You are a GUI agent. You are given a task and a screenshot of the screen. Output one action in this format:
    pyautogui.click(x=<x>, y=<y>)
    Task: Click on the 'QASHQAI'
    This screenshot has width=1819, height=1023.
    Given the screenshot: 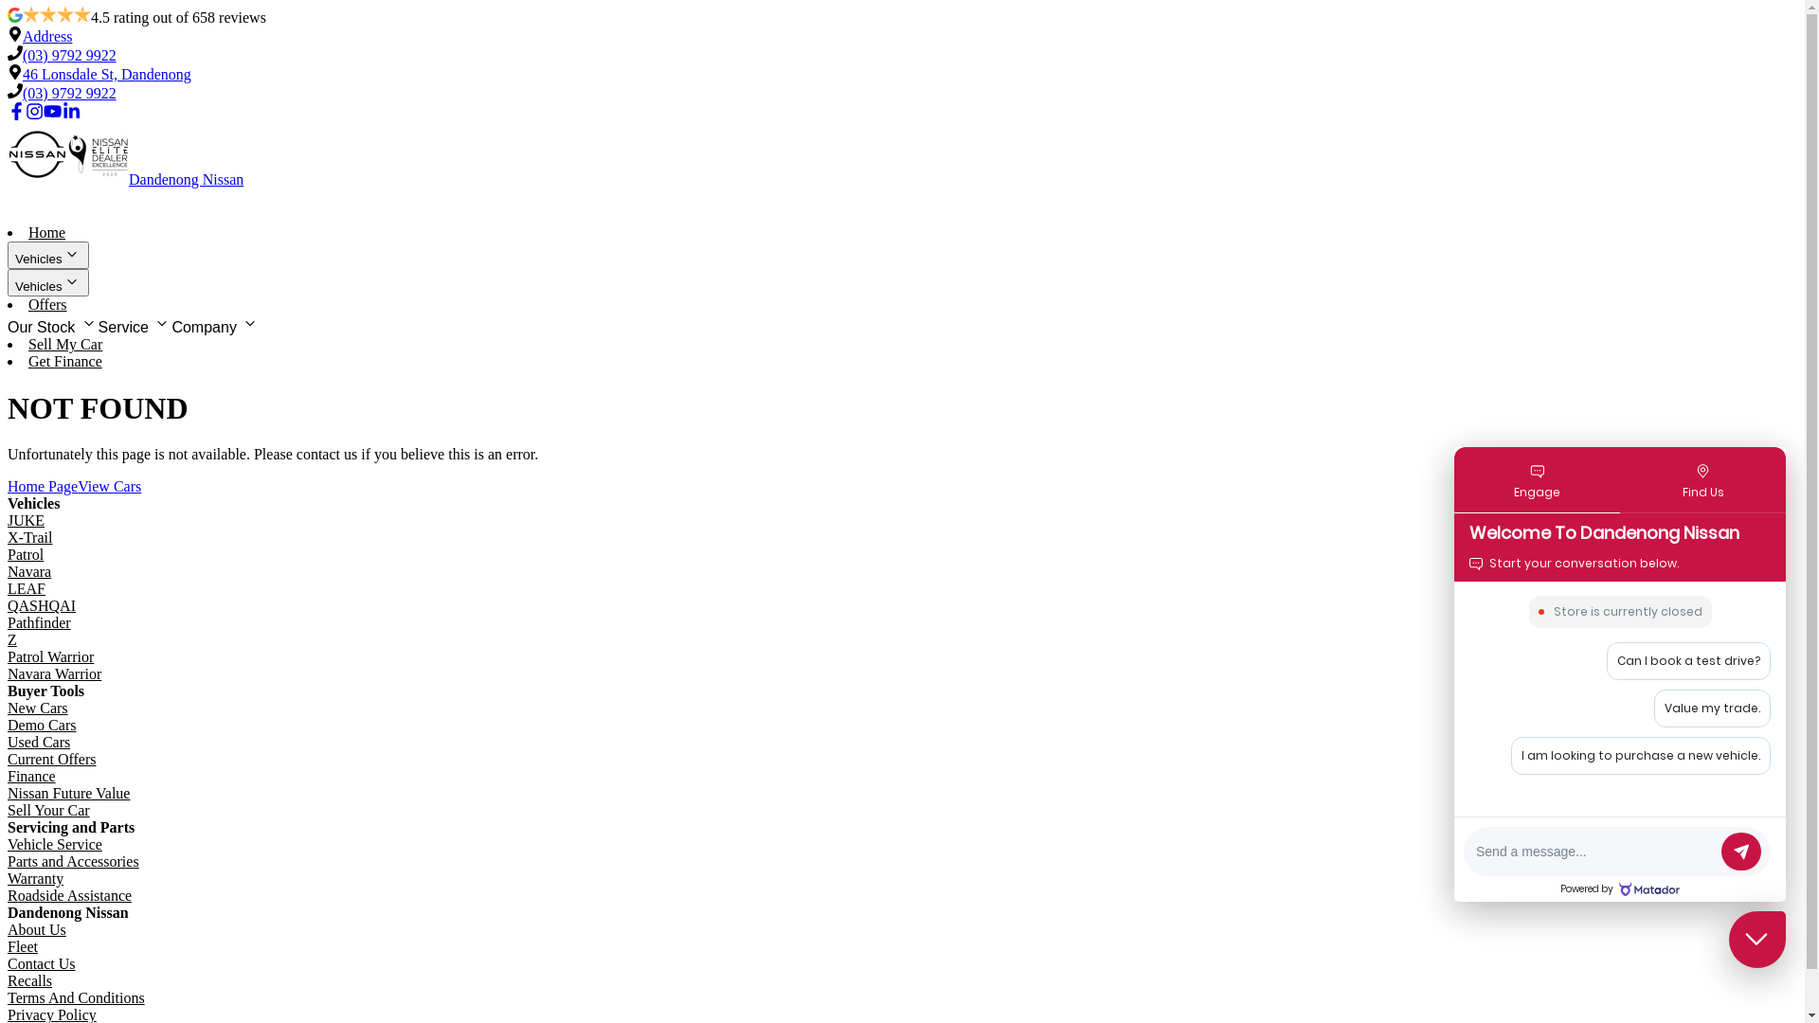 What is the action you would take?
    pyautogui.click(x=41, y=605)
    